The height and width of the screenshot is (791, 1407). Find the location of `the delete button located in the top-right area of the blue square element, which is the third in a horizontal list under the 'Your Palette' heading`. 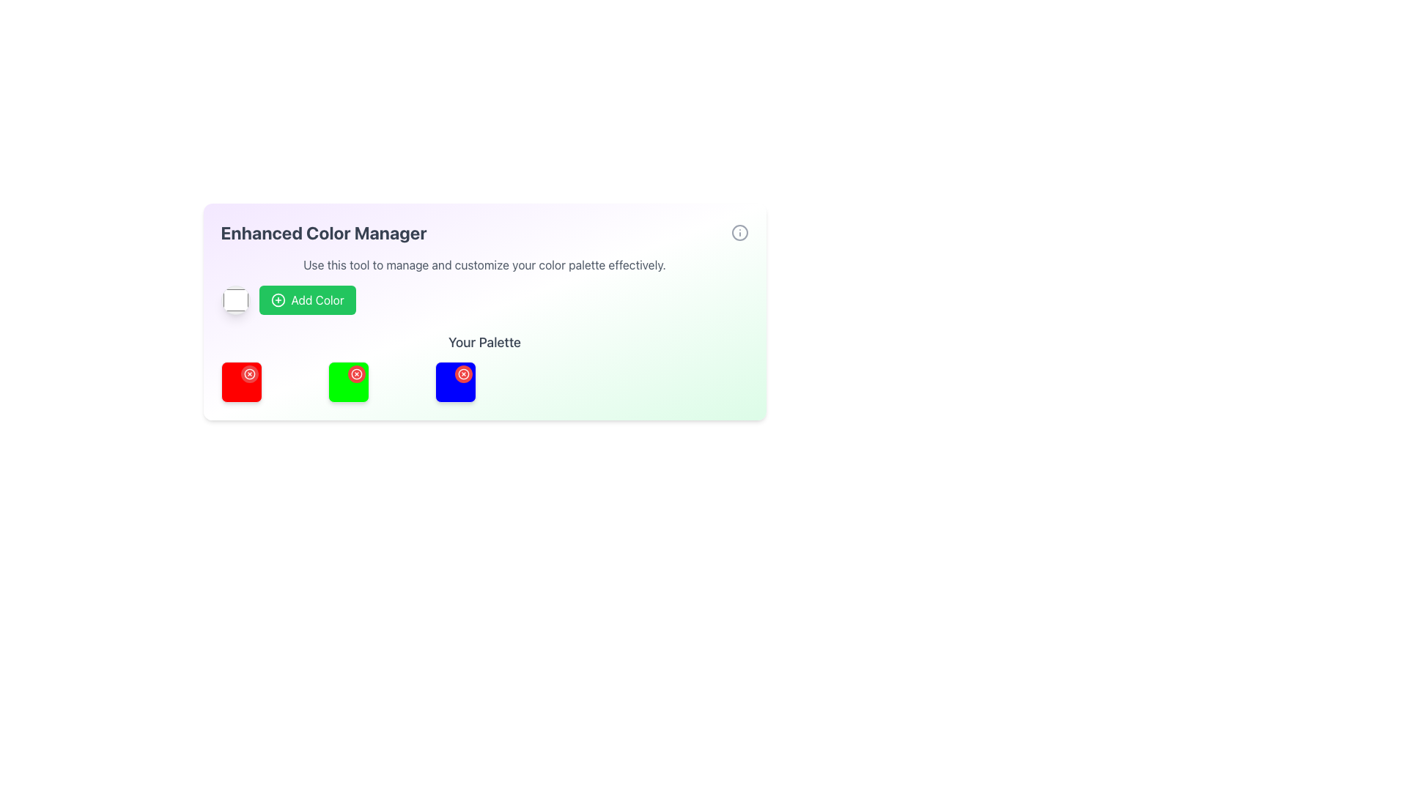

the delete button located in the top-right area of the blue square element, which is the third in a horizontal list under the 'Your Palette' heading is located at coordinates (463, 373).